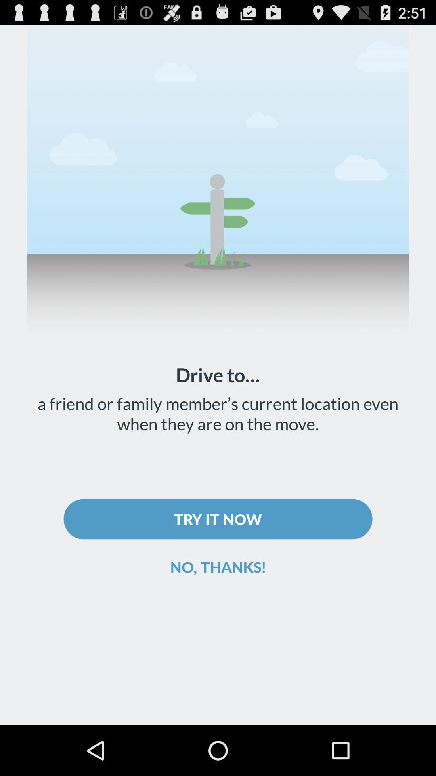 Image resolution: width=436 pixels, height=776 pixels. What do you see at coordinates (218, 519) in the screenshot?
I see `try it now icon` at bounding box center [218, 519].